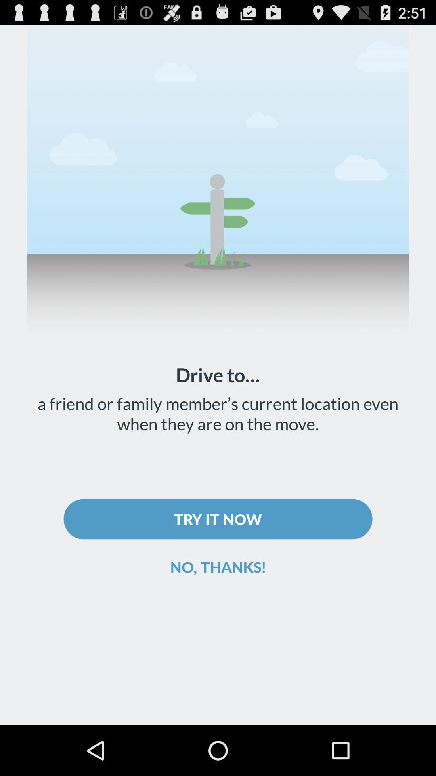 Image resolution: width=436 pixels, height=776 pixels. What do you see at coordinates (218, 519) in the screenshot?
I see `try it now icon` at bounding box center [218, 519].